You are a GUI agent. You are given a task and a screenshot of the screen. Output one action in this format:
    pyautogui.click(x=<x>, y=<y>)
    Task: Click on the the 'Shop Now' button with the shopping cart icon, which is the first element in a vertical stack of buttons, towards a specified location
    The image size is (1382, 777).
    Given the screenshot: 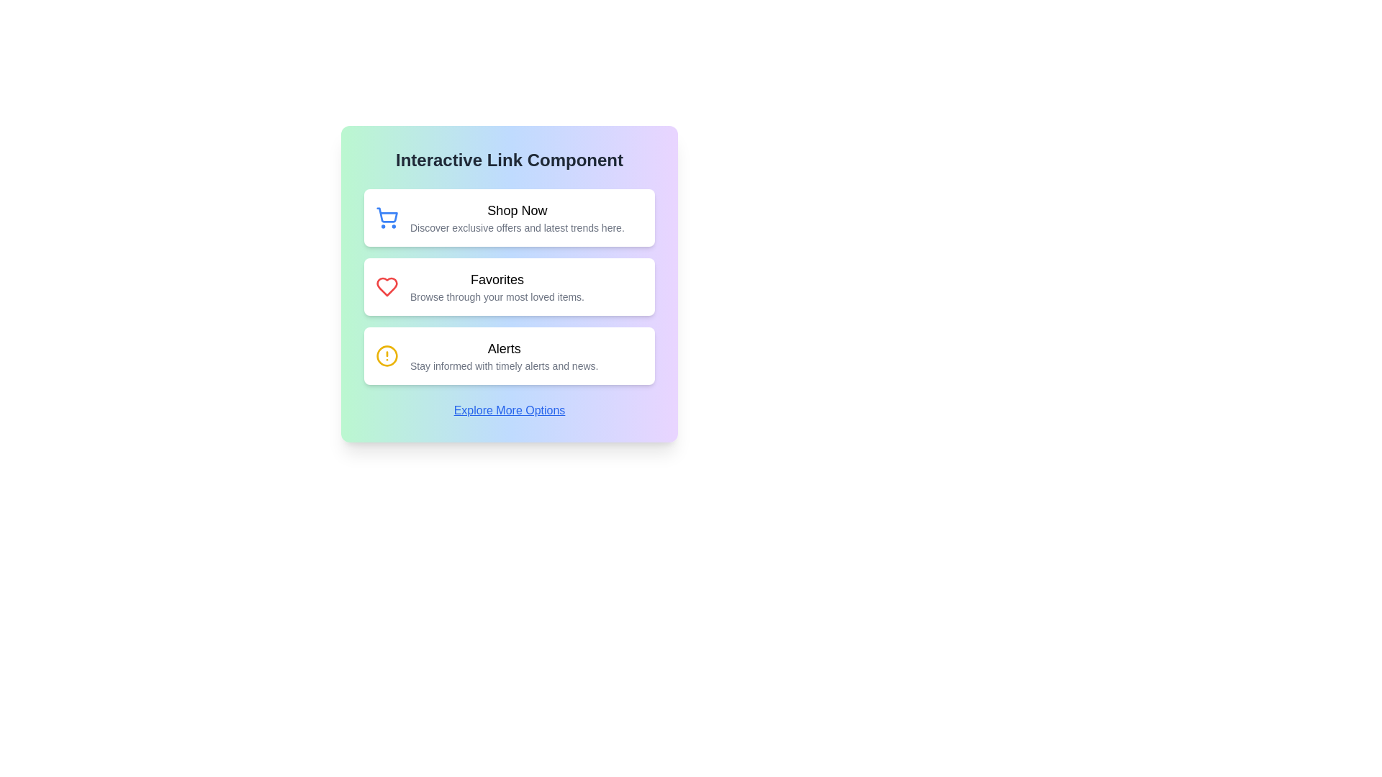 What is the action you would take?
    pyautogui.click(x=510, y=218)
    